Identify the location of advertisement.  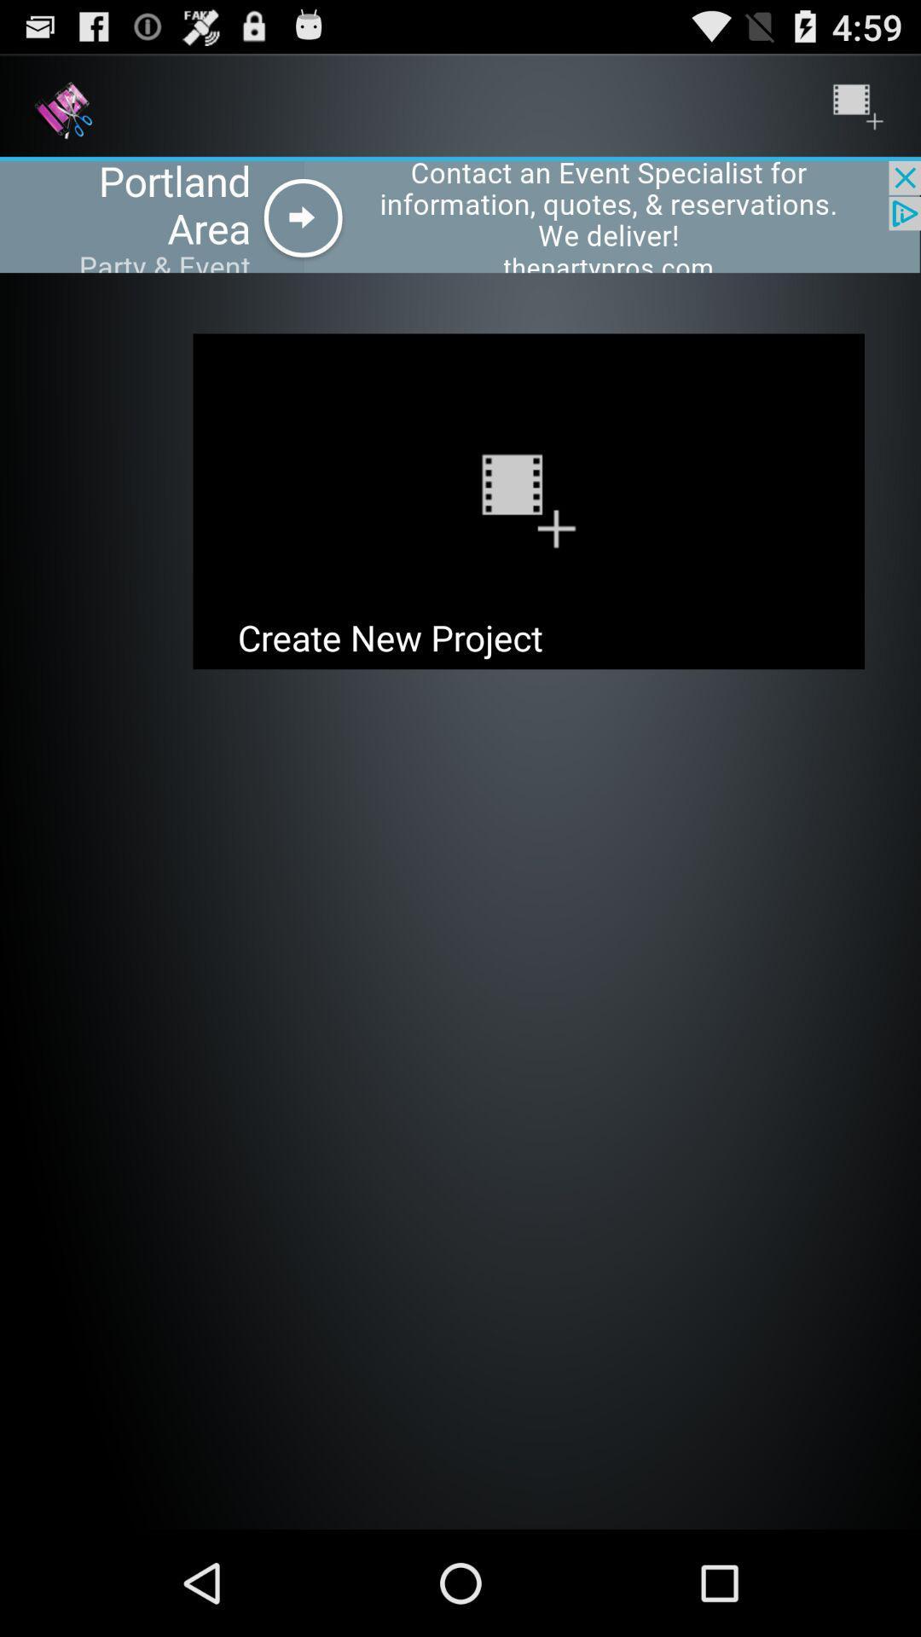
(460, 216).